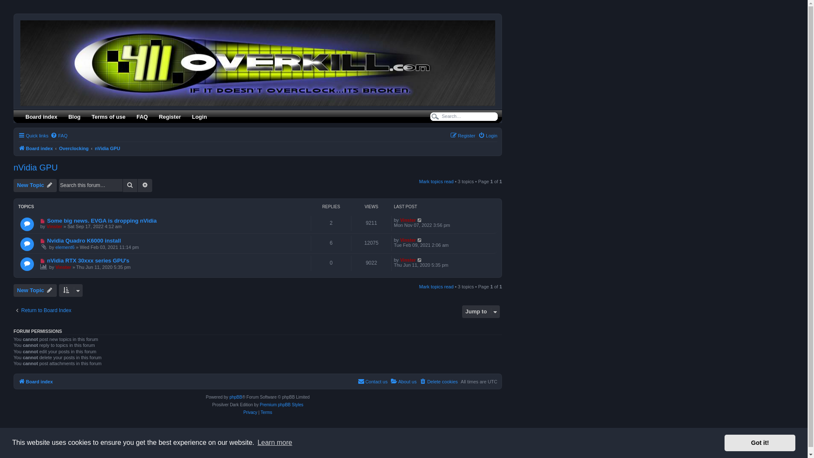  I want to click on 'Terms', so click(266, 412).